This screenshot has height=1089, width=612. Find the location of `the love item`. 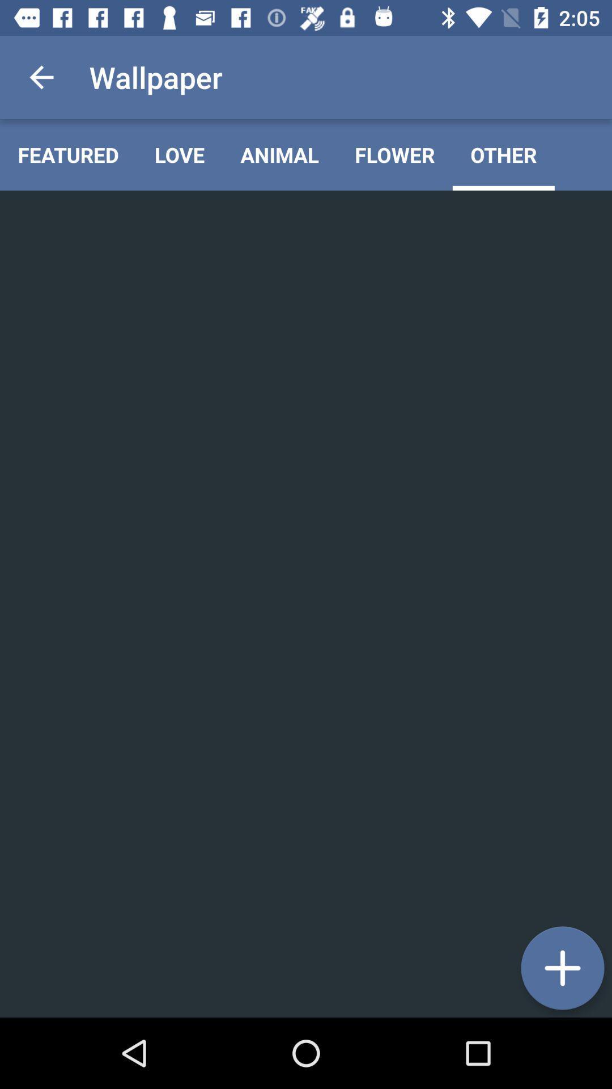

the love item is located at coordinates (179, 154).